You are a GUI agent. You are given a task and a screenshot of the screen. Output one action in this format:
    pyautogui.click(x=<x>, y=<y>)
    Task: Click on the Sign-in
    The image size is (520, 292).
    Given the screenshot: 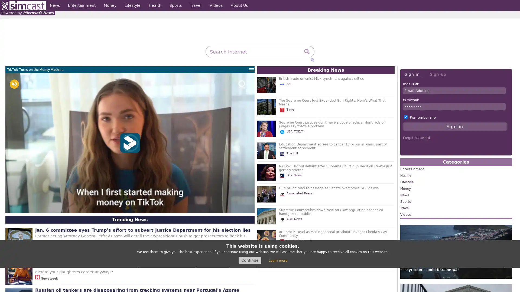 What is the action you would take?
    pyautogui.click(x=455, y=126)
    